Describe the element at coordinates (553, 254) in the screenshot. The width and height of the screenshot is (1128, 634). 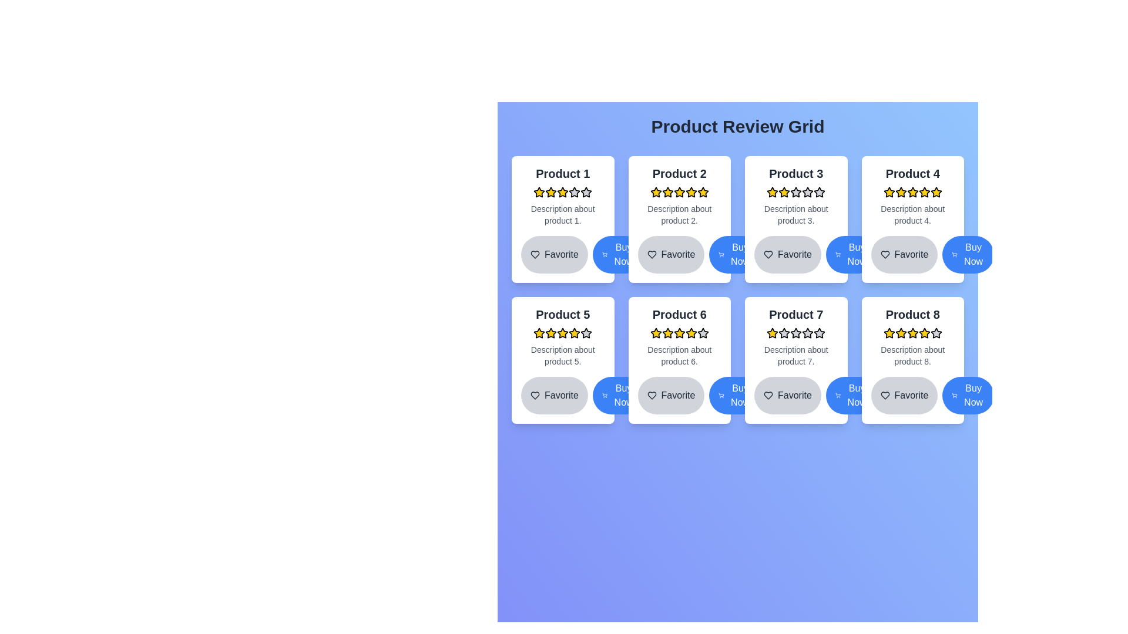
I see `the 'Favorite' button with a heart-shaped icon to mark the item as favorite` at that location.